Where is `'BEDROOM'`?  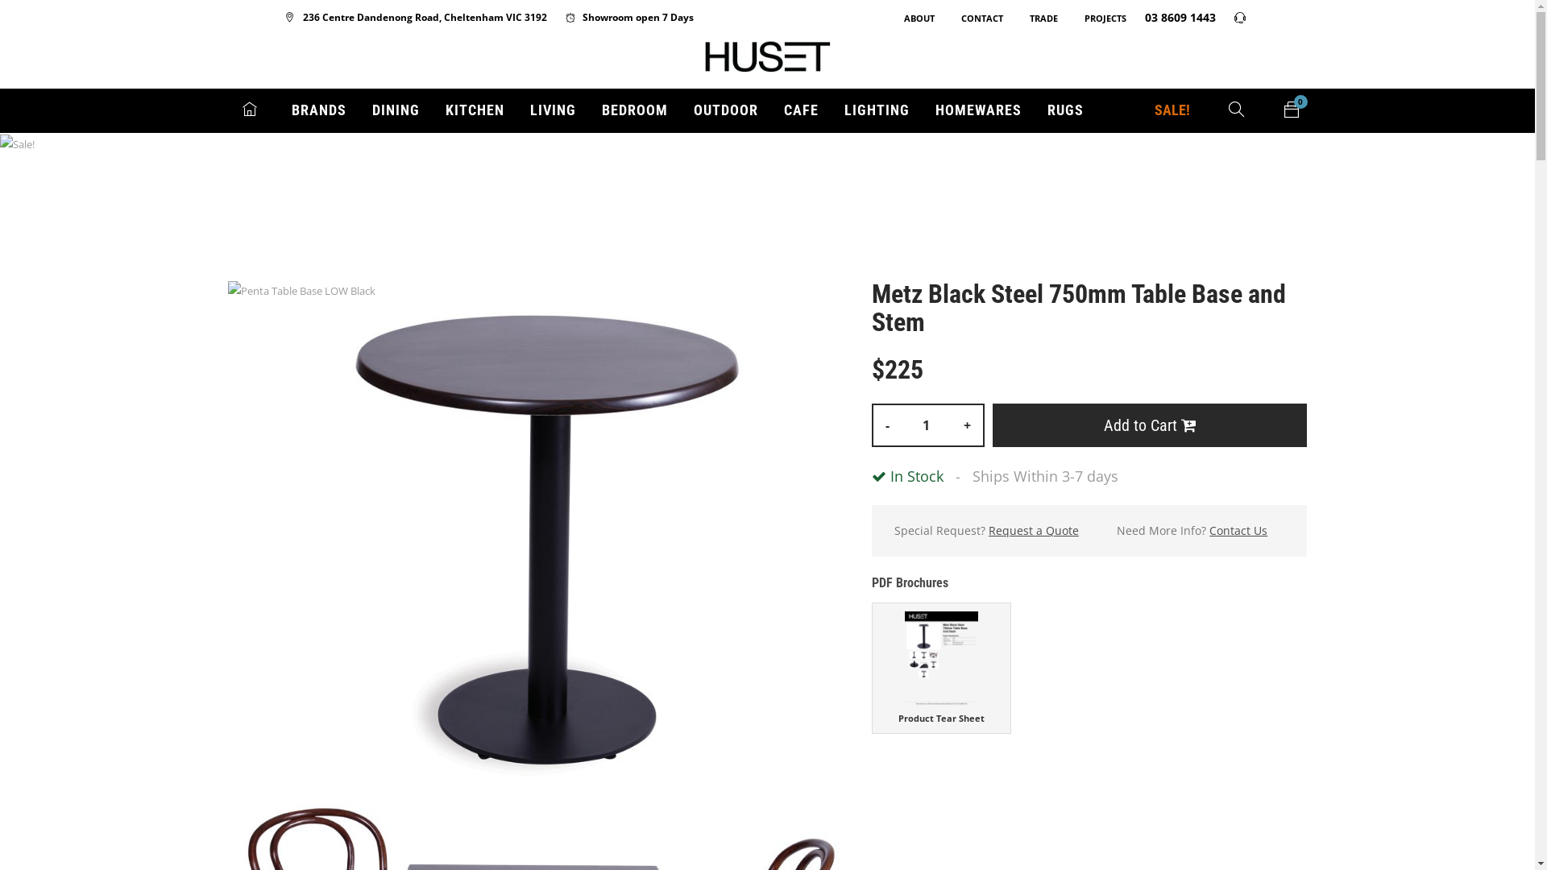 'BEDROOM' is located at coordinates (633, 110).